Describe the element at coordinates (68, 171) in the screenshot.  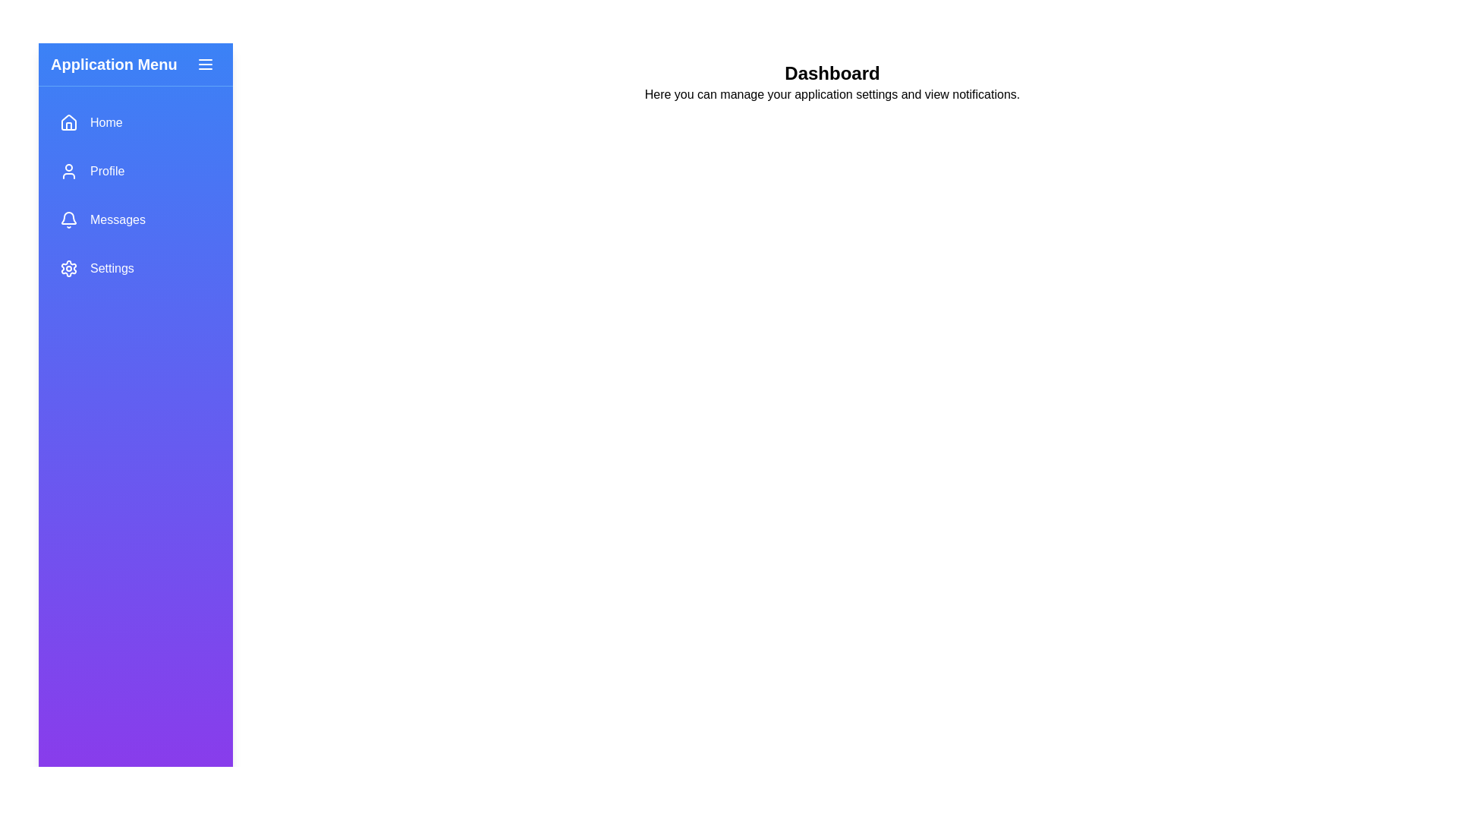
I see `the user profile icon, which is a simple outline of a person located in the blue section of the navigation menu, next to the 'Profile' text` at that location.